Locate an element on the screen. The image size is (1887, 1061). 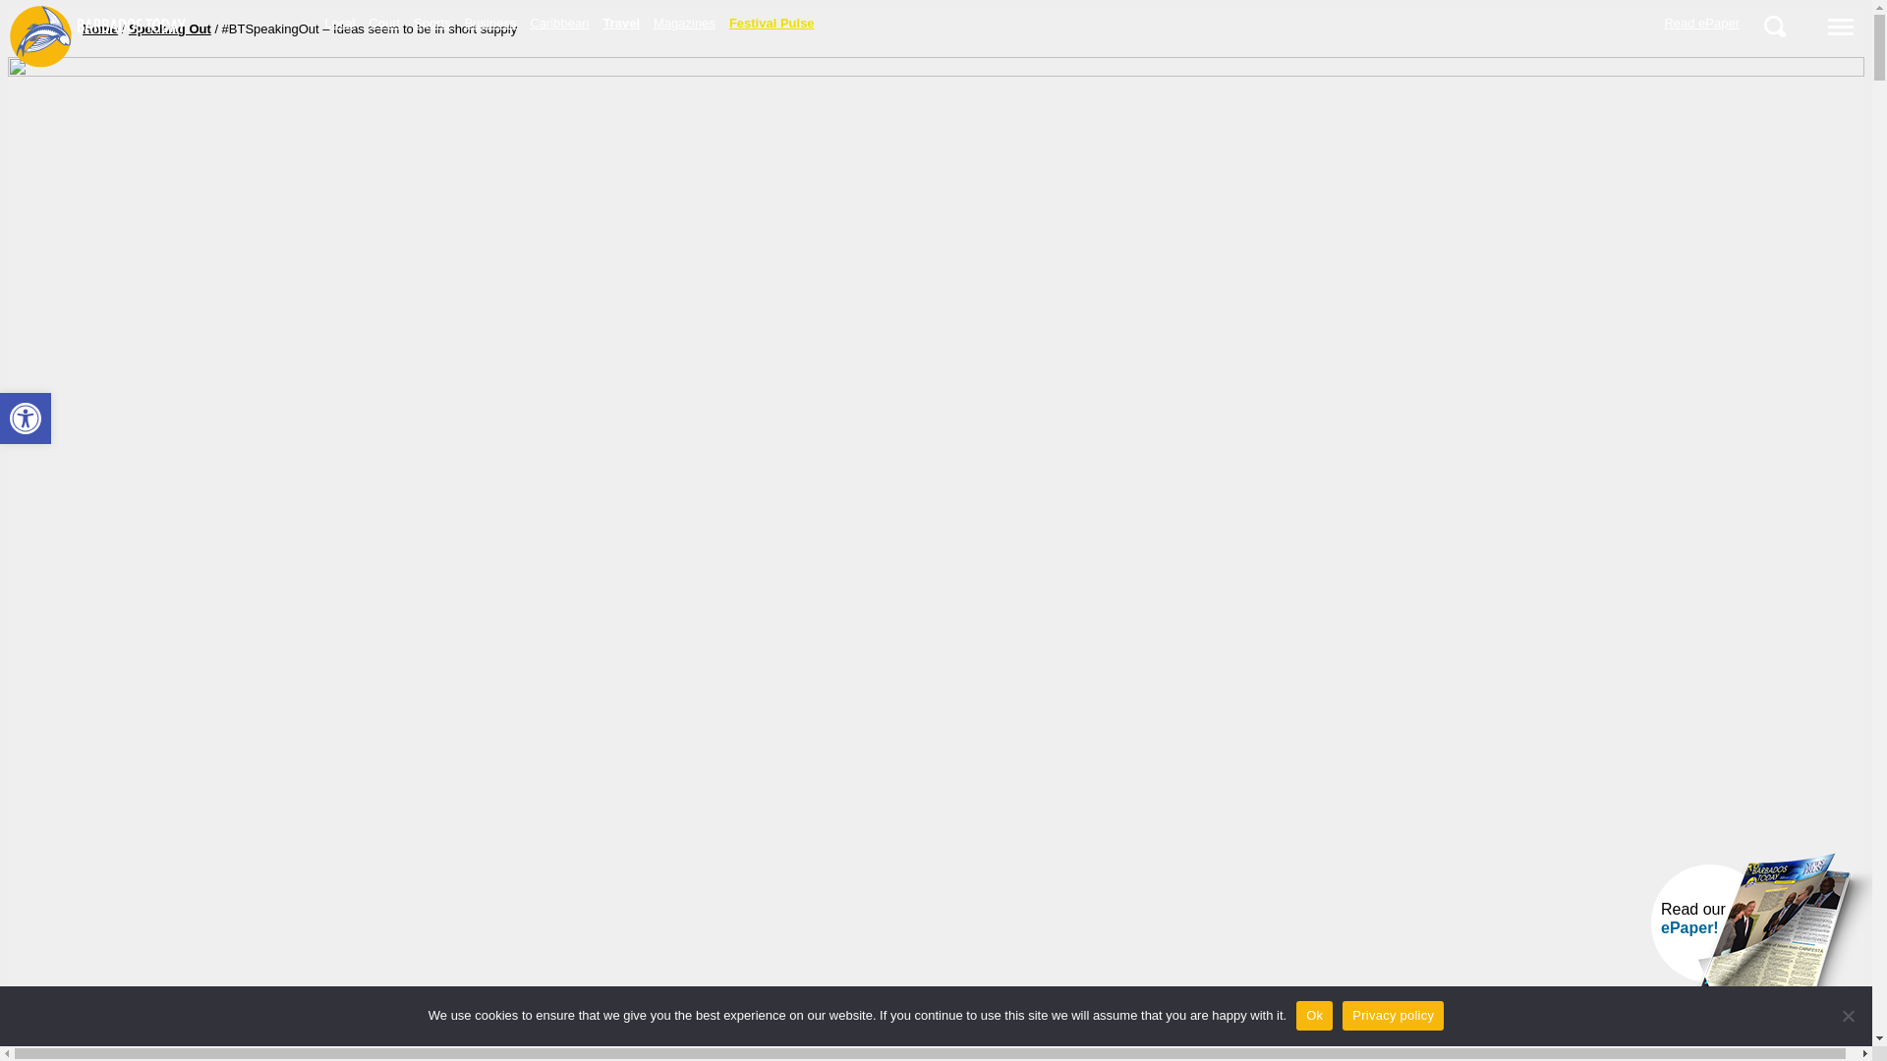
'Business' is located at coordinates (490, 23).